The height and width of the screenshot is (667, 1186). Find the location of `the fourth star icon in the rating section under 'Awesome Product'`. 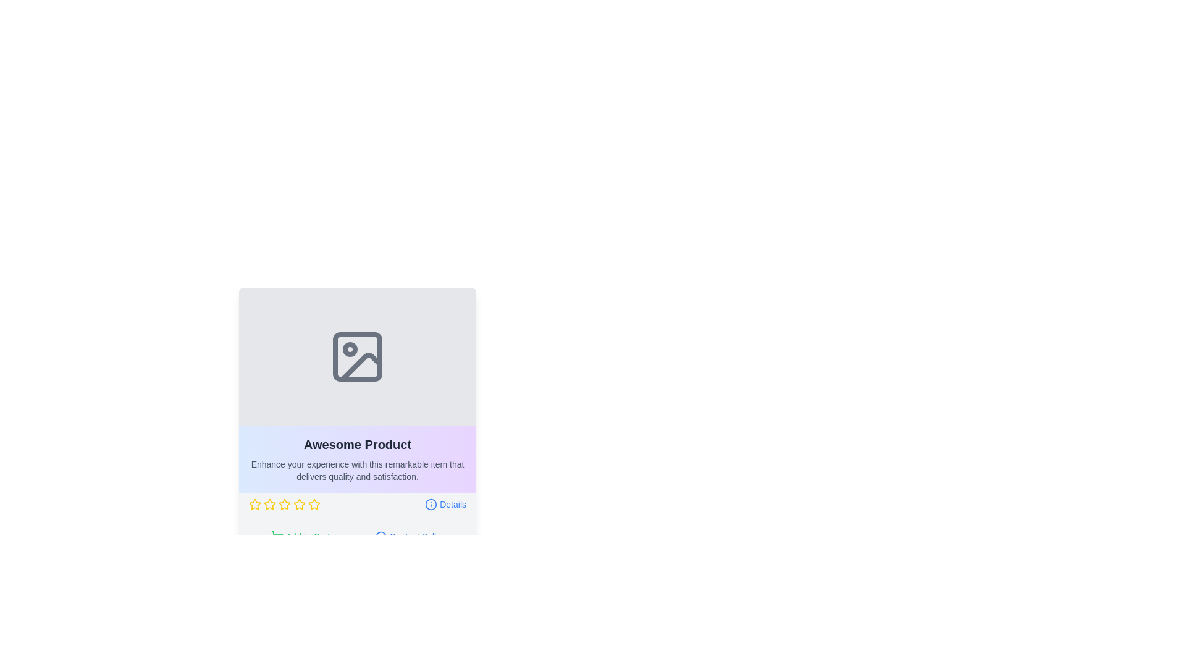

the fourth star icon in the rating section under 'Awesome Product' is located at coordinates (314, 504).